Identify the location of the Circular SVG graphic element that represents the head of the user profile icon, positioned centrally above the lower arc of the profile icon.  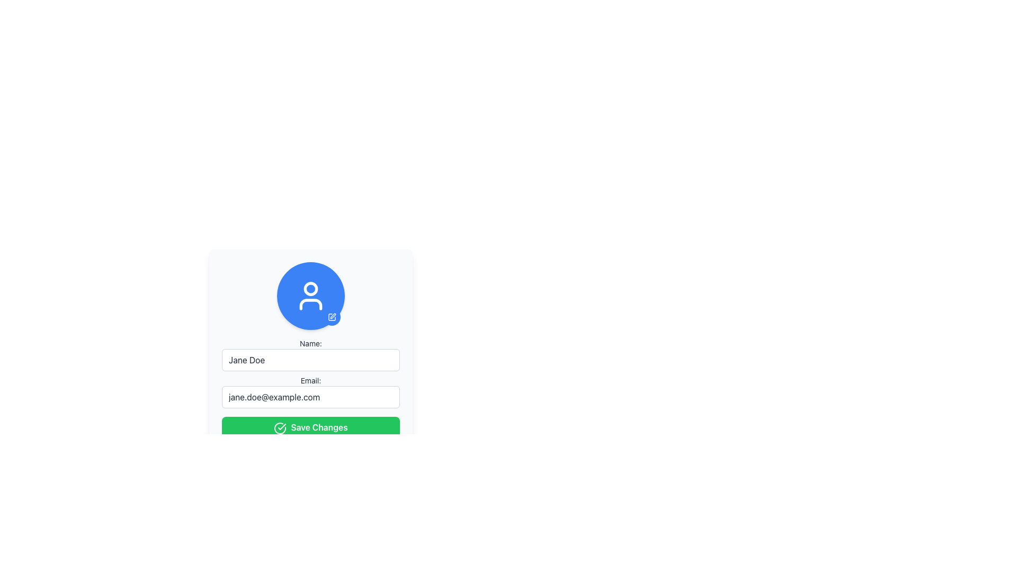
(310, 288).